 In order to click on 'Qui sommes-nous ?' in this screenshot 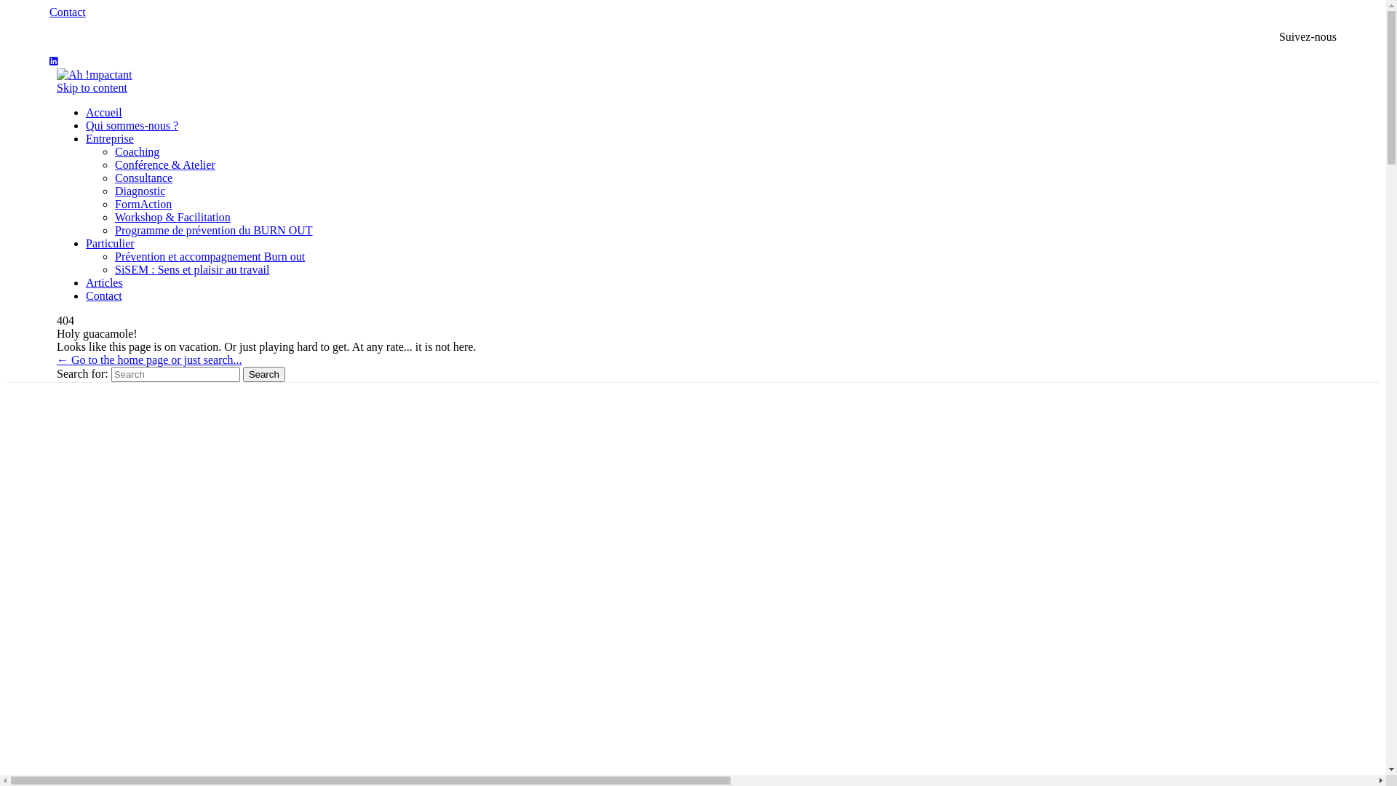, I will do `click(85, 124)`.